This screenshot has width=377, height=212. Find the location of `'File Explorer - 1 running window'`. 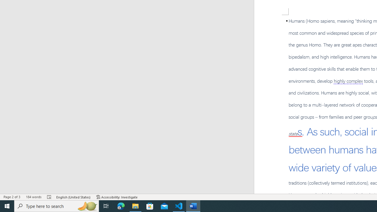

'File Explorer - 1 running window' is located at coordinates (135, 206).